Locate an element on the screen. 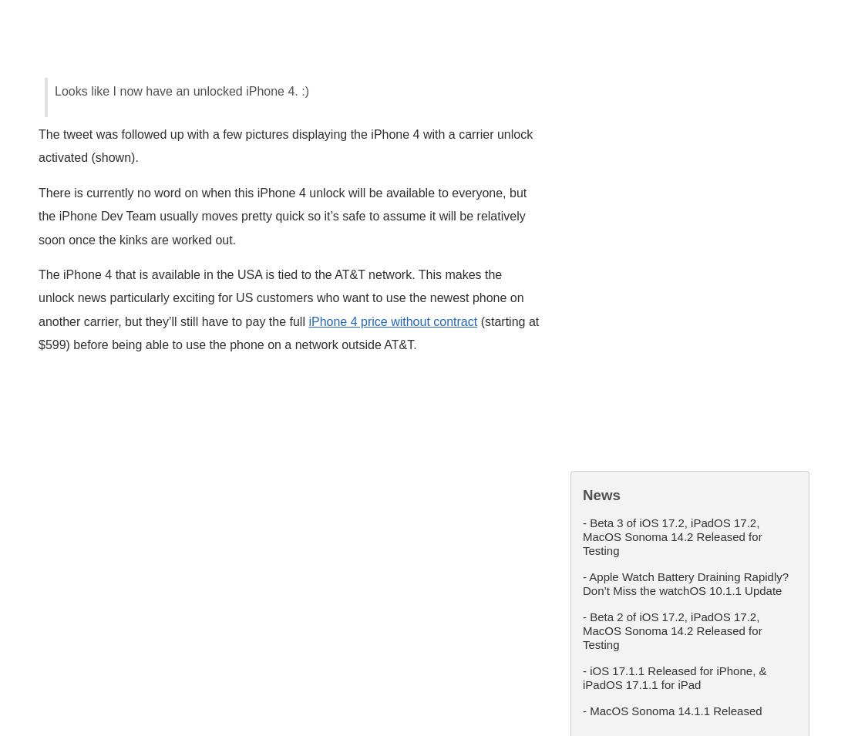 The image size is (848, 736). 'There is currently no word on when this iPhone 4 unlock will be available to everyone, but the iPhone Dev Team usually moves pretty quick so it’s safe to assume it will be relatively soon once the kinks are worked out.' is located at coordinates (282, 216).